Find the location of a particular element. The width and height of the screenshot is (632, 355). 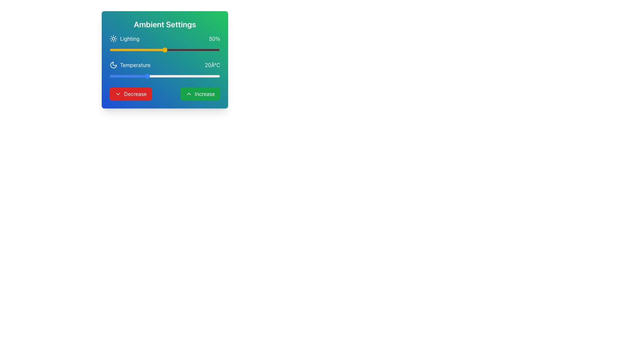

the lighting level is located at coordinates (161, 49).